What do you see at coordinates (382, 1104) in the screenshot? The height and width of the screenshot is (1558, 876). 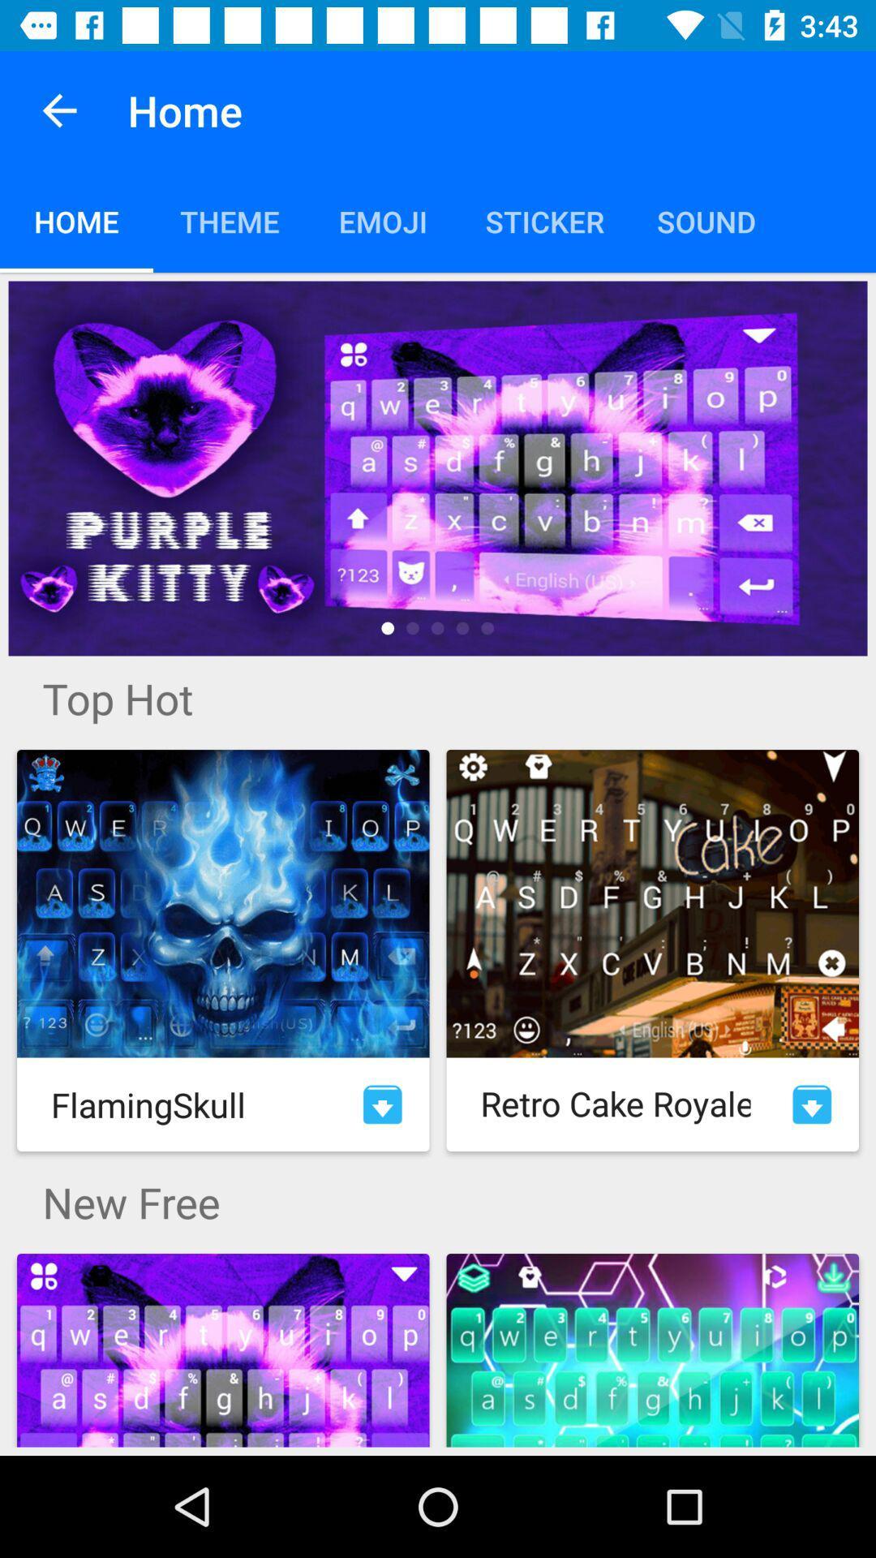 I see `to a playlist` at bounding box center [382, 1104].